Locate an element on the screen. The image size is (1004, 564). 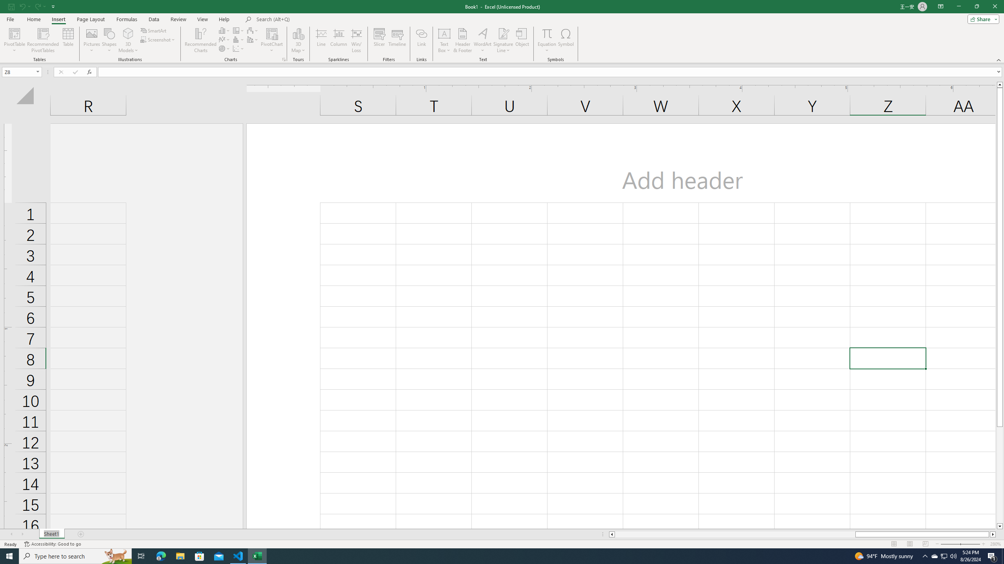
'Timeline' is located at coordinates (397, 40).